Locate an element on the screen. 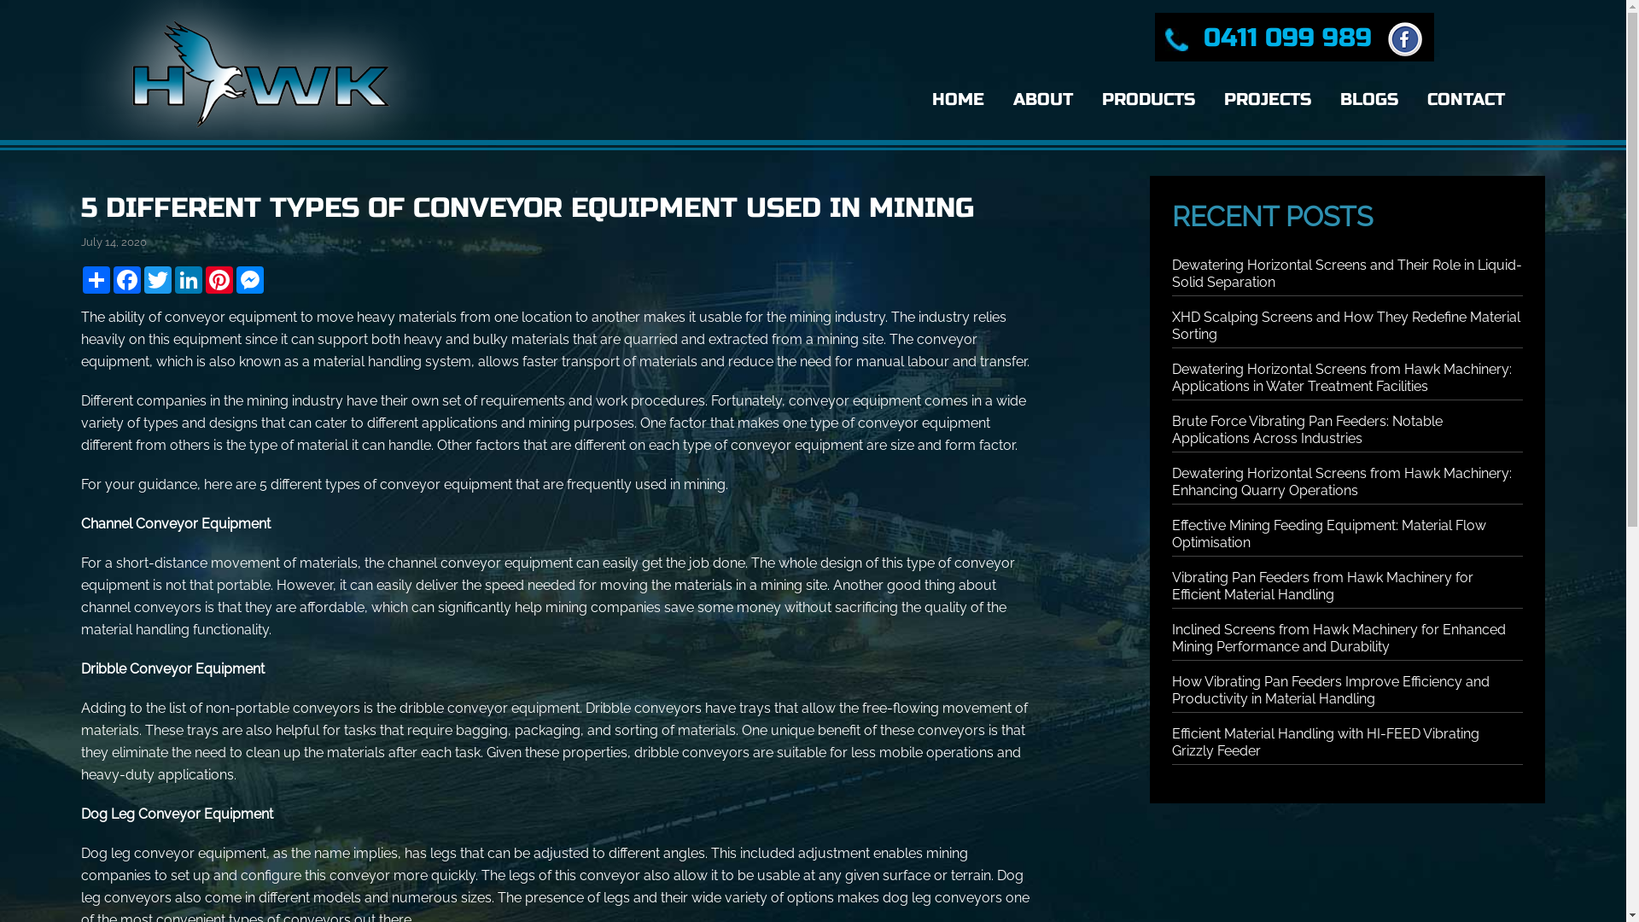  'BLOGS' is located at coordinates (1329, 99).